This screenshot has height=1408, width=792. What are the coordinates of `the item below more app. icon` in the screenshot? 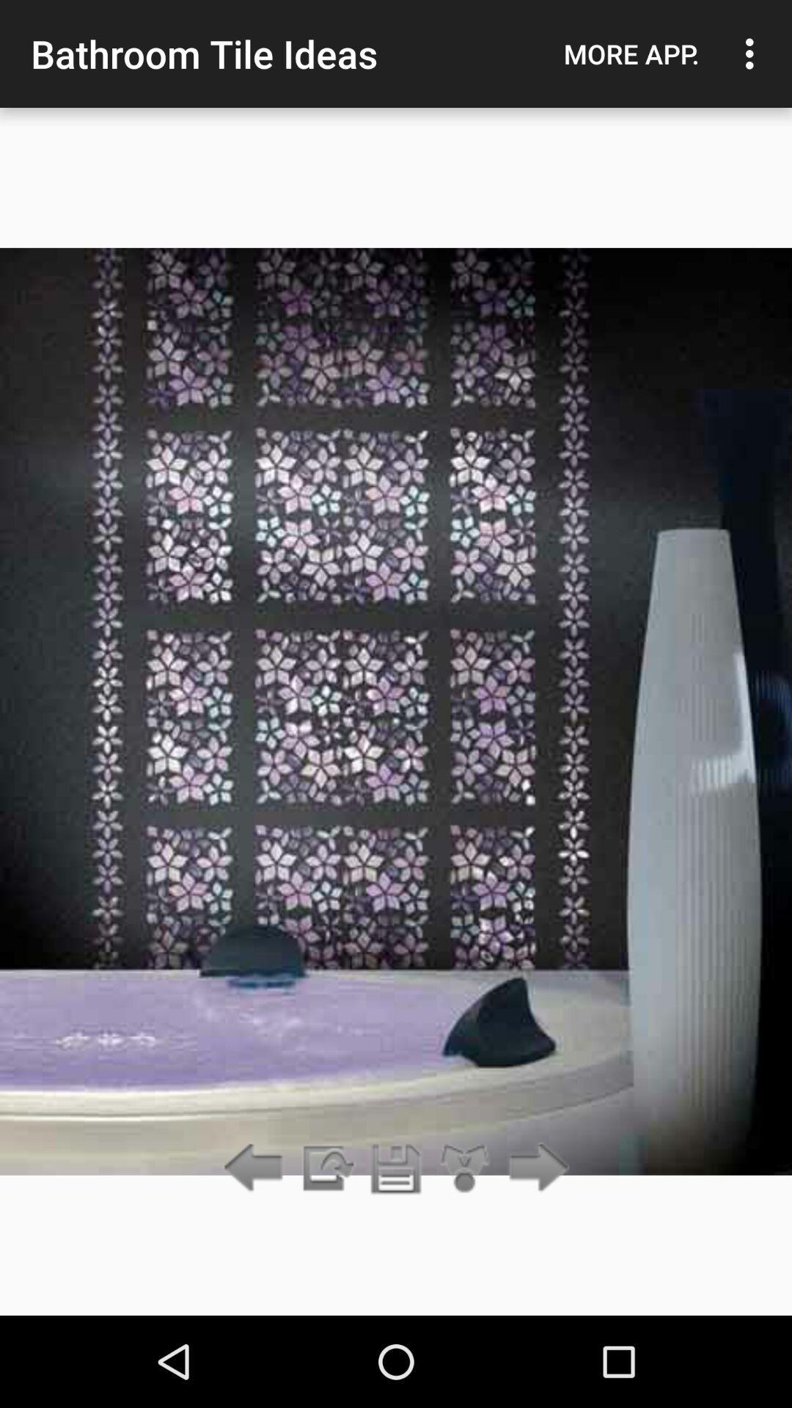 It's located at (535, 1168).